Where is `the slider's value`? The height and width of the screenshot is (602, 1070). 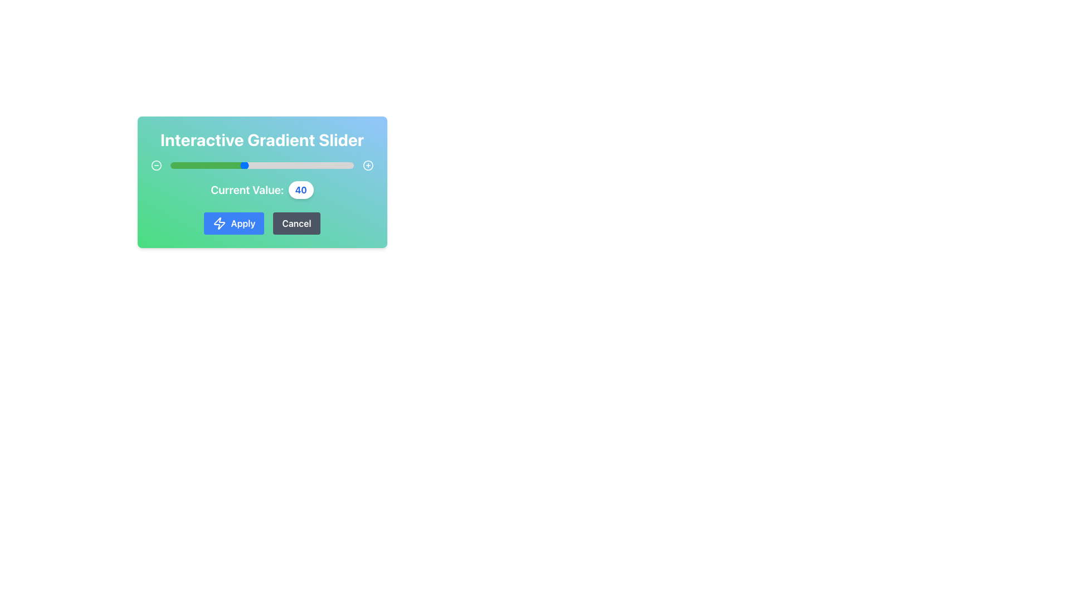
the slider's value is located at coordinates (317, 166).